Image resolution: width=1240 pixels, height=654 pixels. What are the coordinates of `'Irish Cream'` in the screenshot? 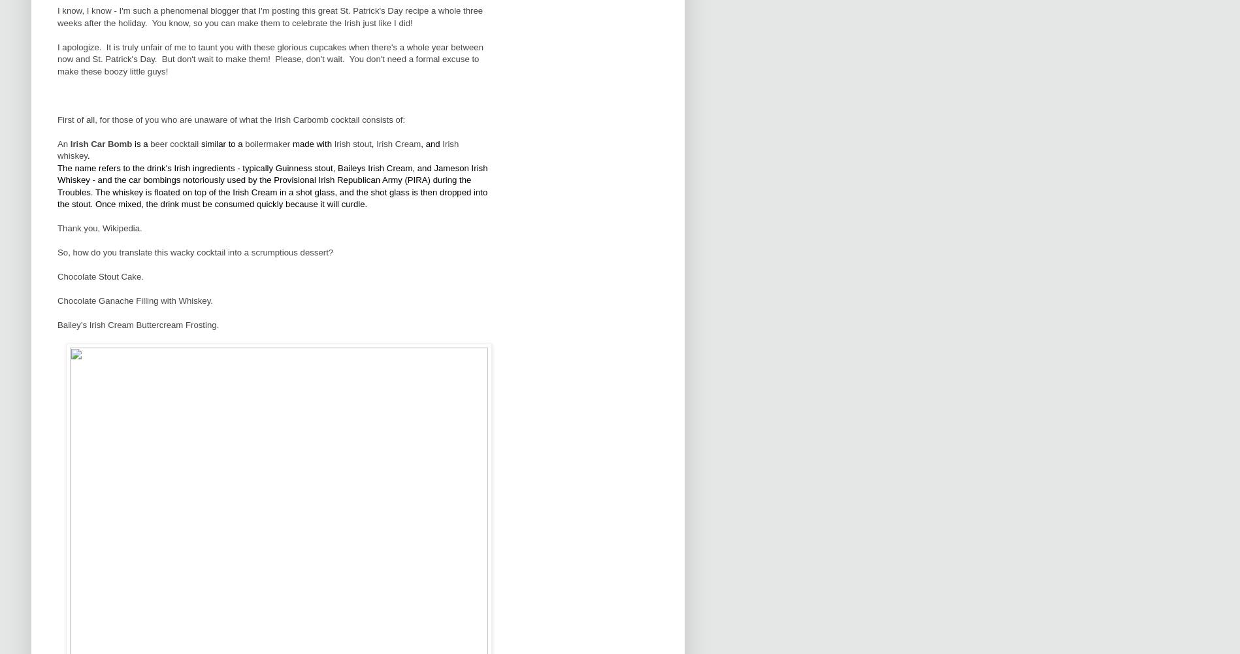 It's located at (398, 142).